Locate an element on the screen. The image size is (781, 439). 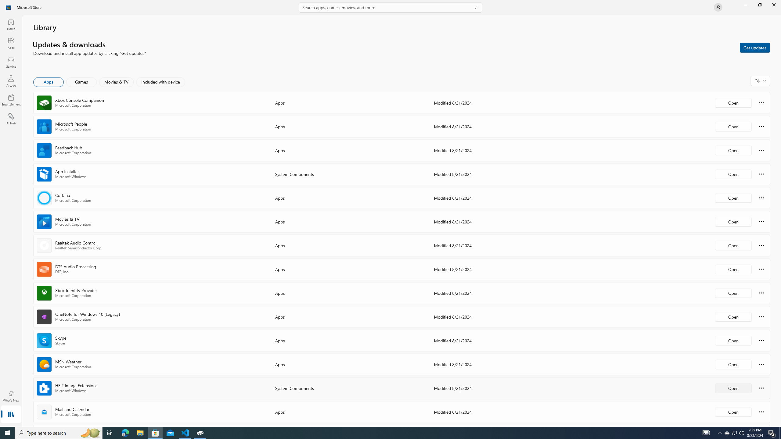
'Minimize Microsoft Store' is located at coordinates (745, 5).